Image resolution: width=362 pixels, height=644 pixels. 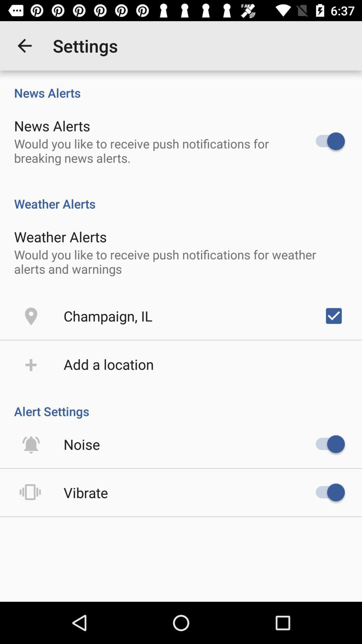 I want to click on item to the left of settings  item, so click(x=24, y=45).